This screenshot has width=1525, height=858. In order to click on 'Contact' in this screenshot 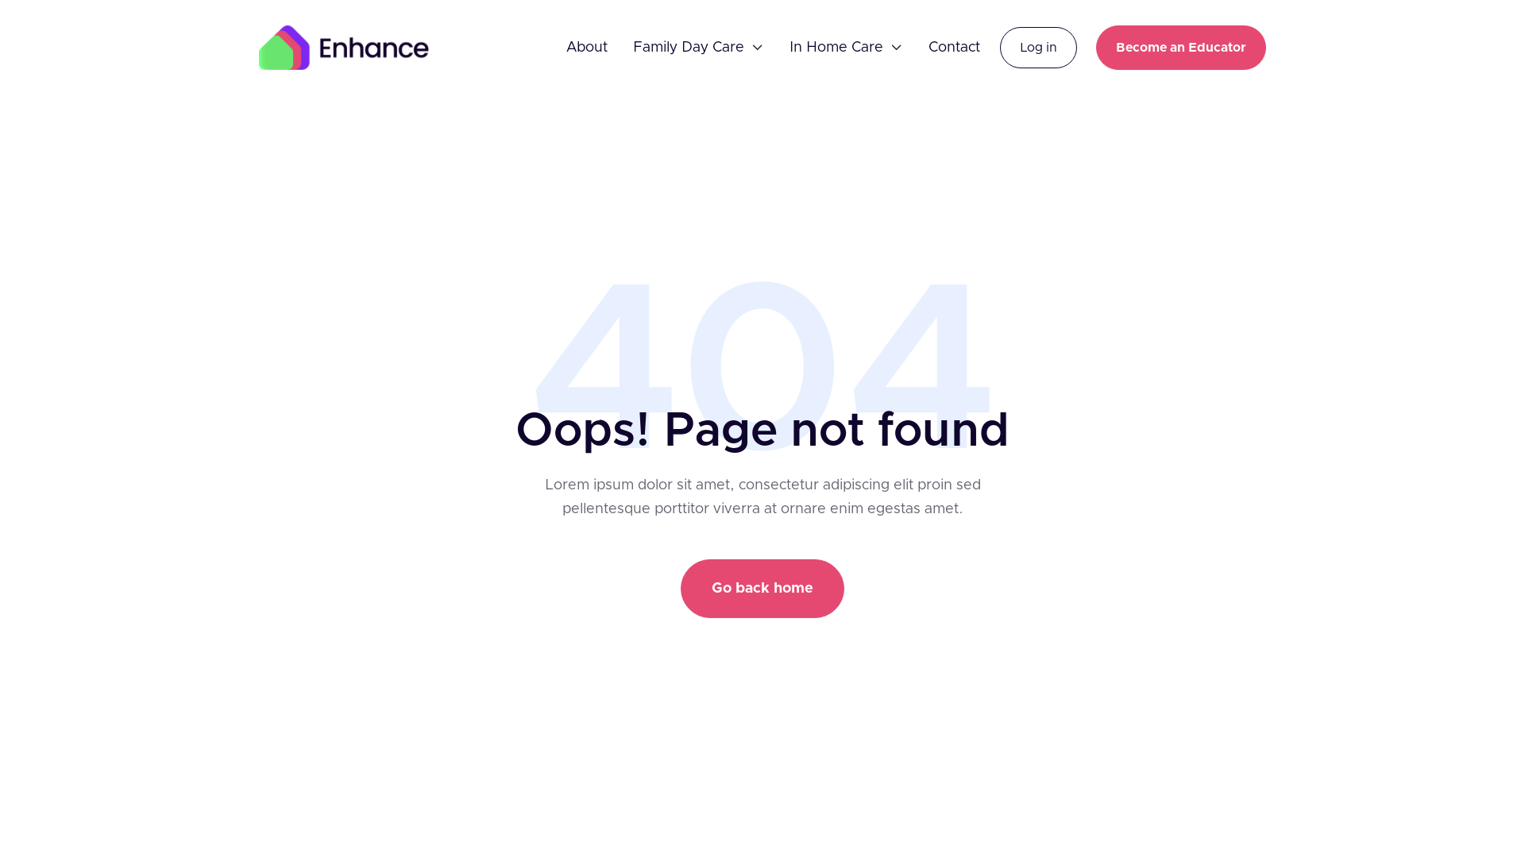, I will do `click(929, 47)`.